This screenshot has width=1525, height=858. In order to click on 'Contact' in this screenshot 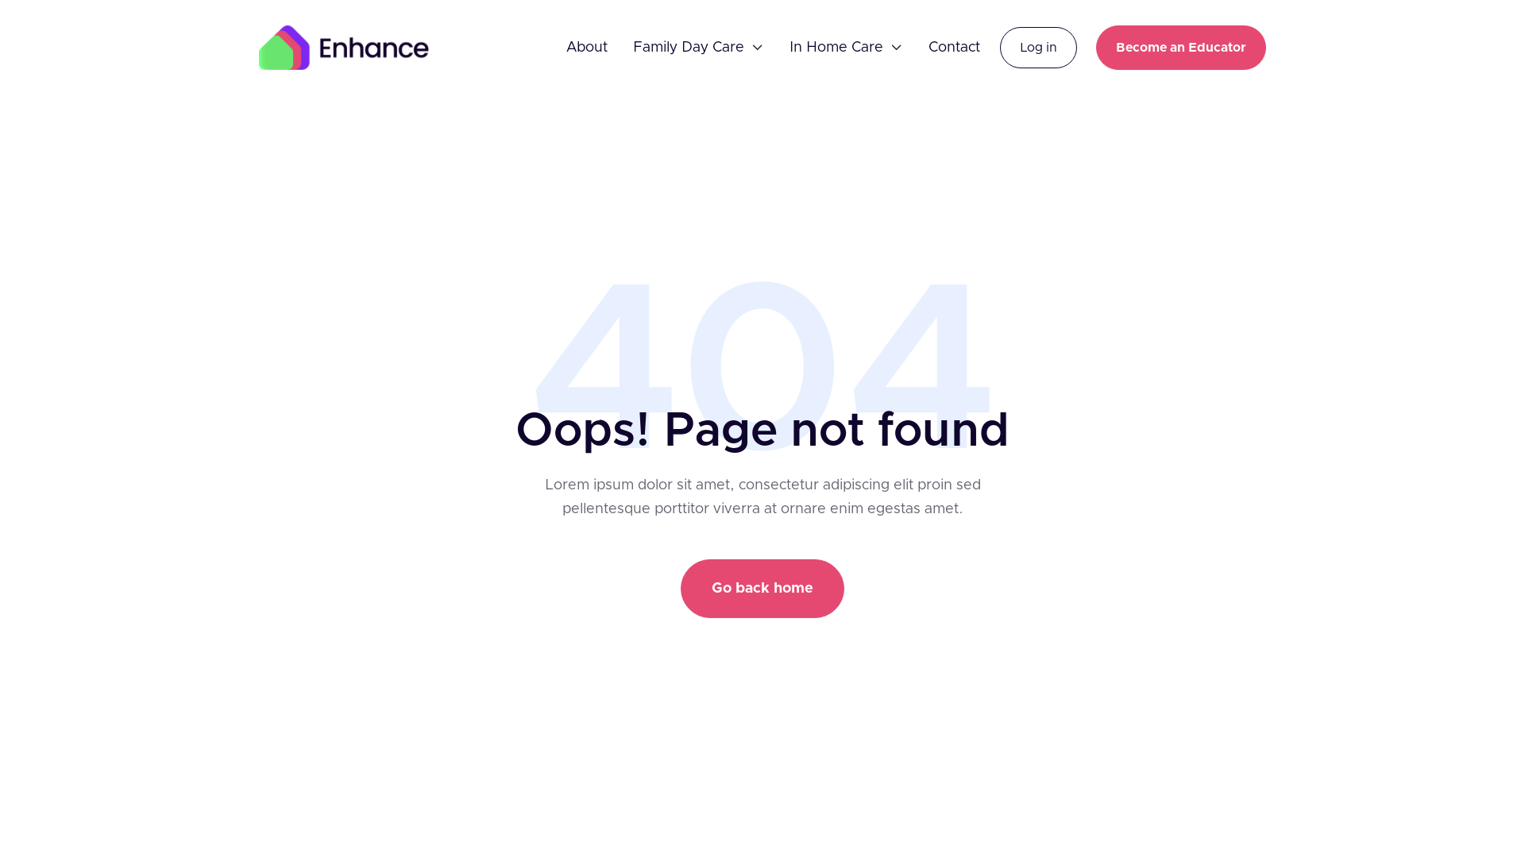, I will do `click(929, 47)`.